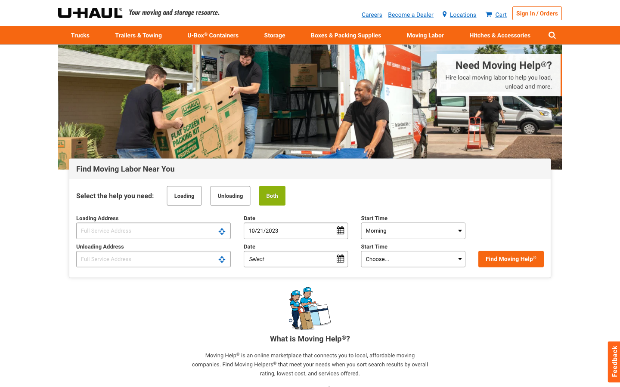 The image size is (620, 387). Describe the element at coordinates (484, 79) in the screenshot. I see `Require assistance with local move` at that location.